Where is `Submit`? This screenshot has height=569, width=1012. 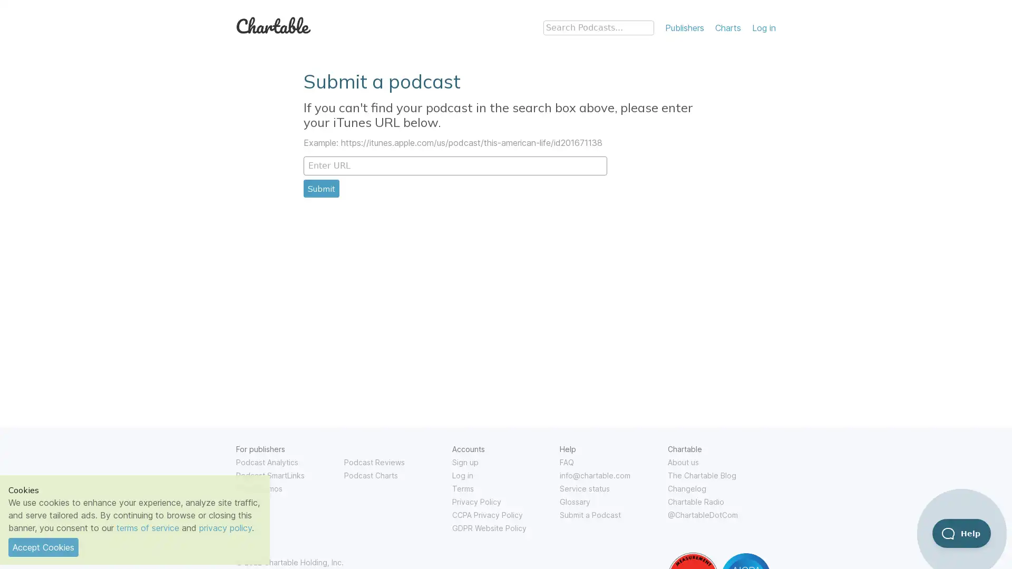
Submit is located at coordinates (320, 188).